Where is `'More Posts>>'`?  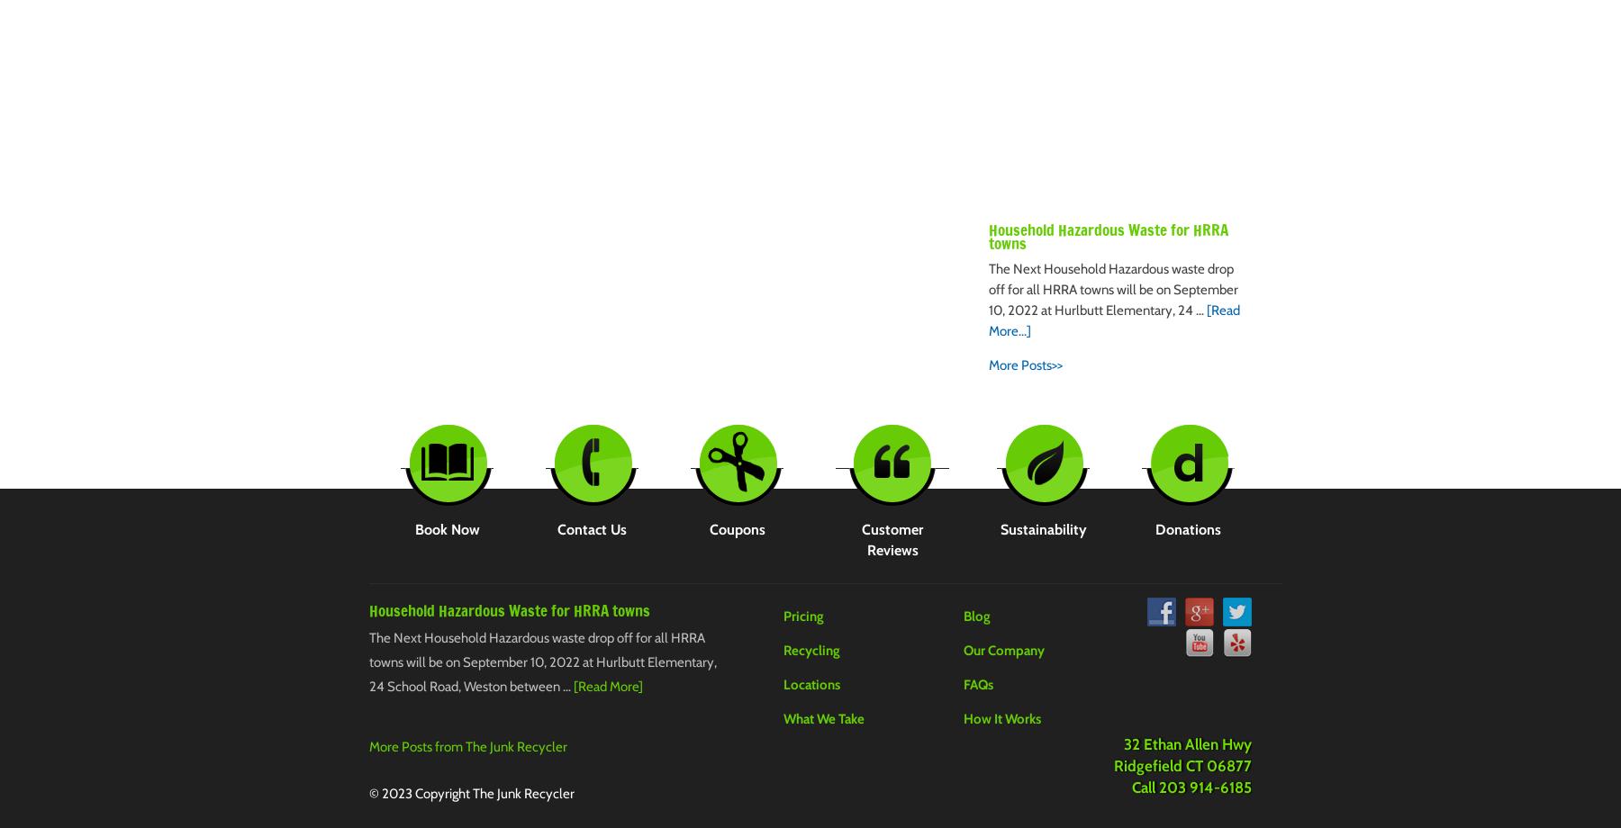
'More Posts>>' is located at coordinates (1025, 364).